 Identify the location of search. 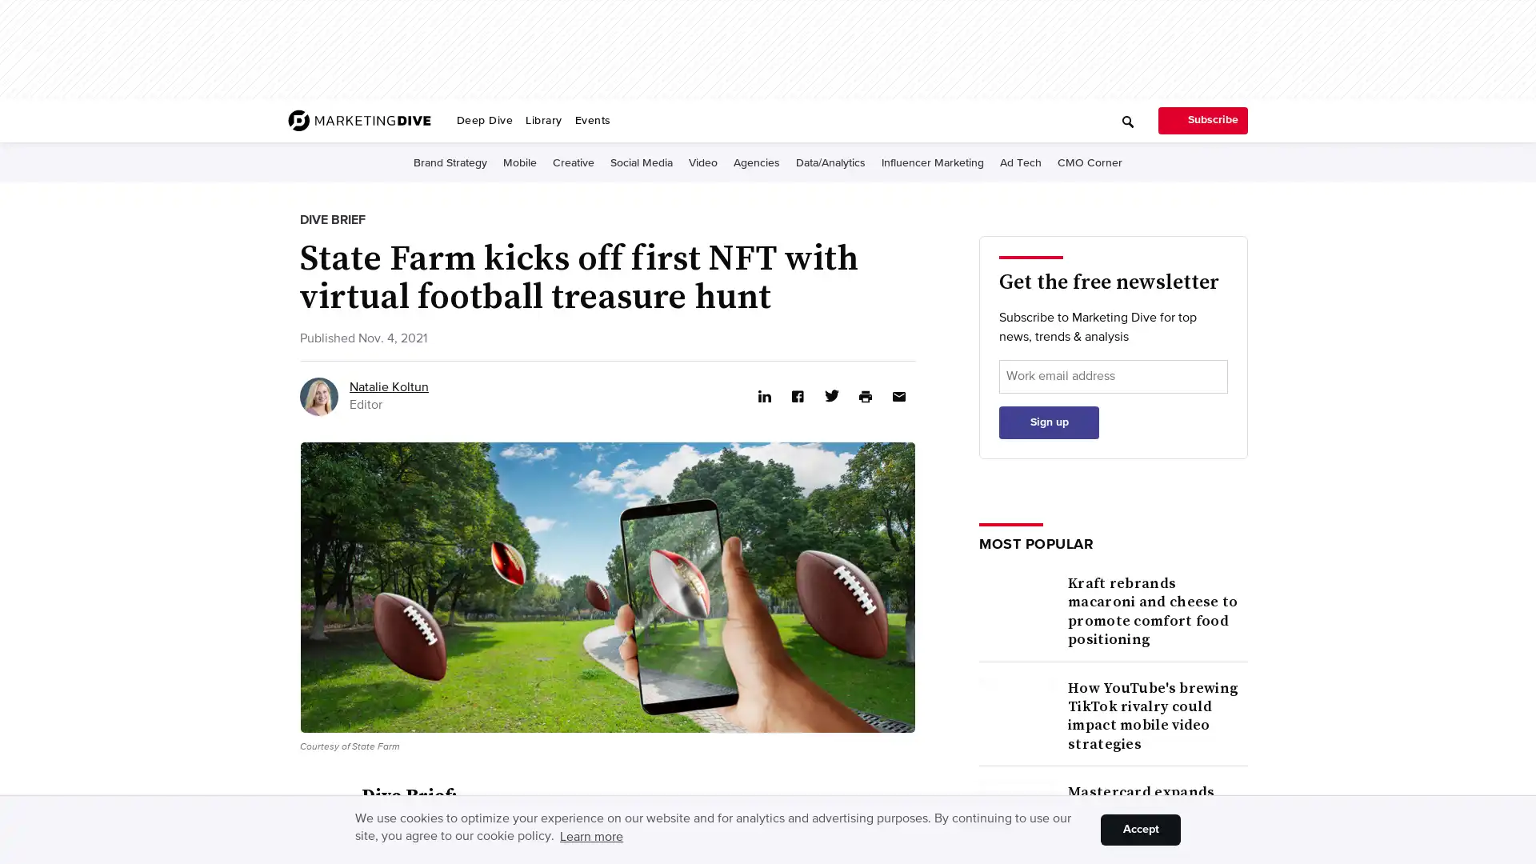
(890, 114).